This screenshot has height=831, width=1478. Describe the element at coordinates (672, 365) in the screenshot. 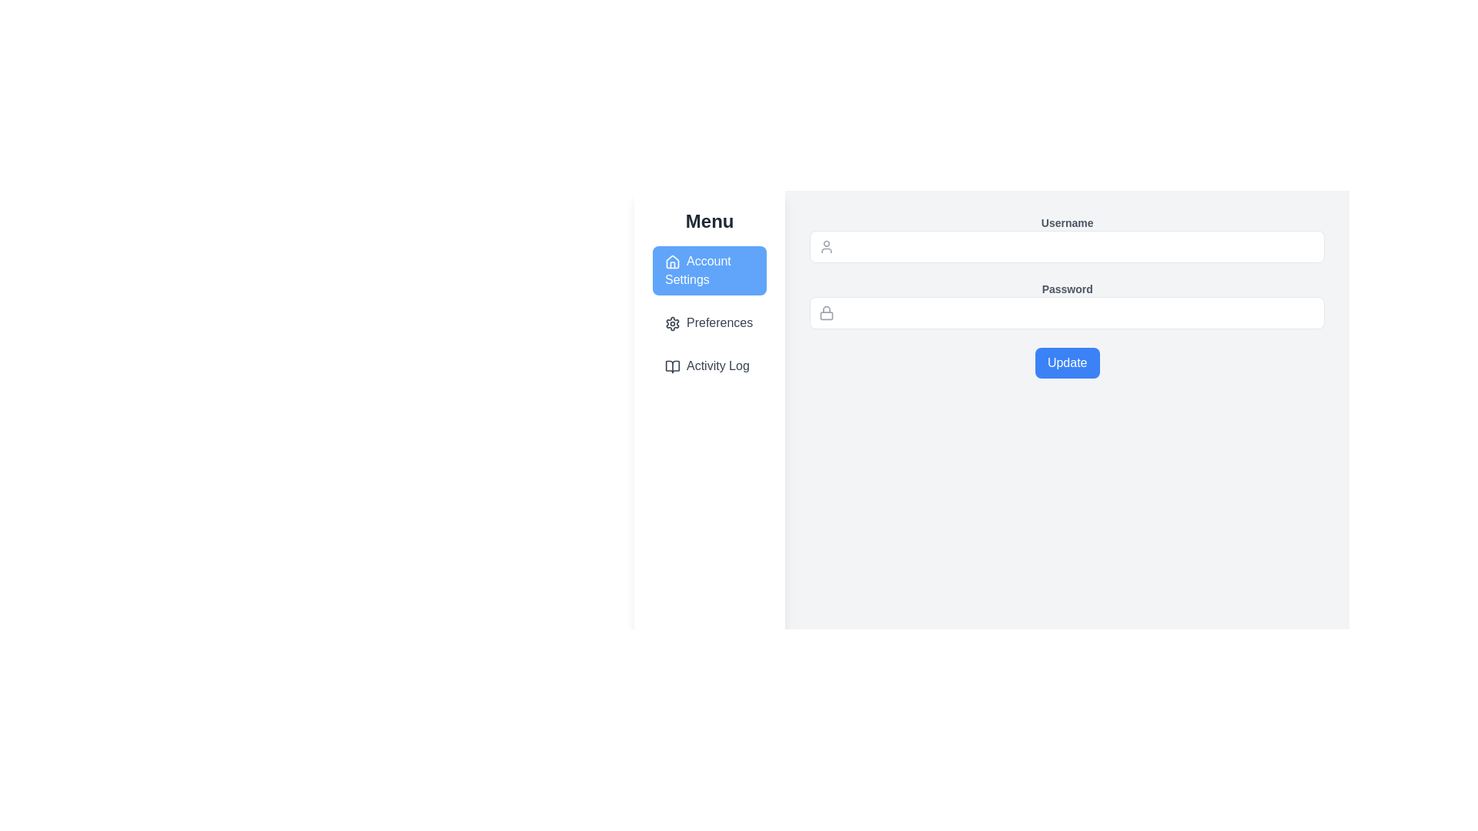

I see `the open book icon located to the left of the 'Activity Log' text in the menu section` at that location.